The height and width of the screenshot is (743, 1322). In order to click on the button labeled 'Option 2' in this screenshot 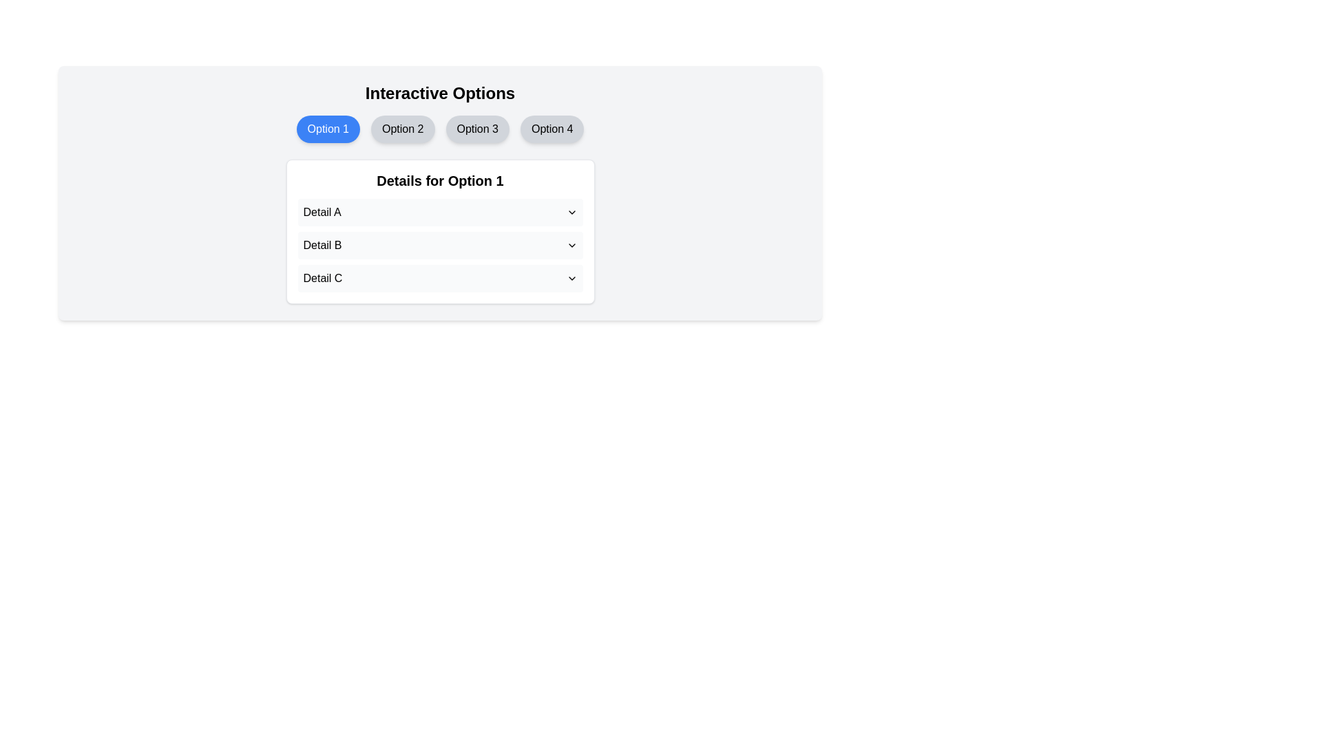, I will do `click(402, 129)`.